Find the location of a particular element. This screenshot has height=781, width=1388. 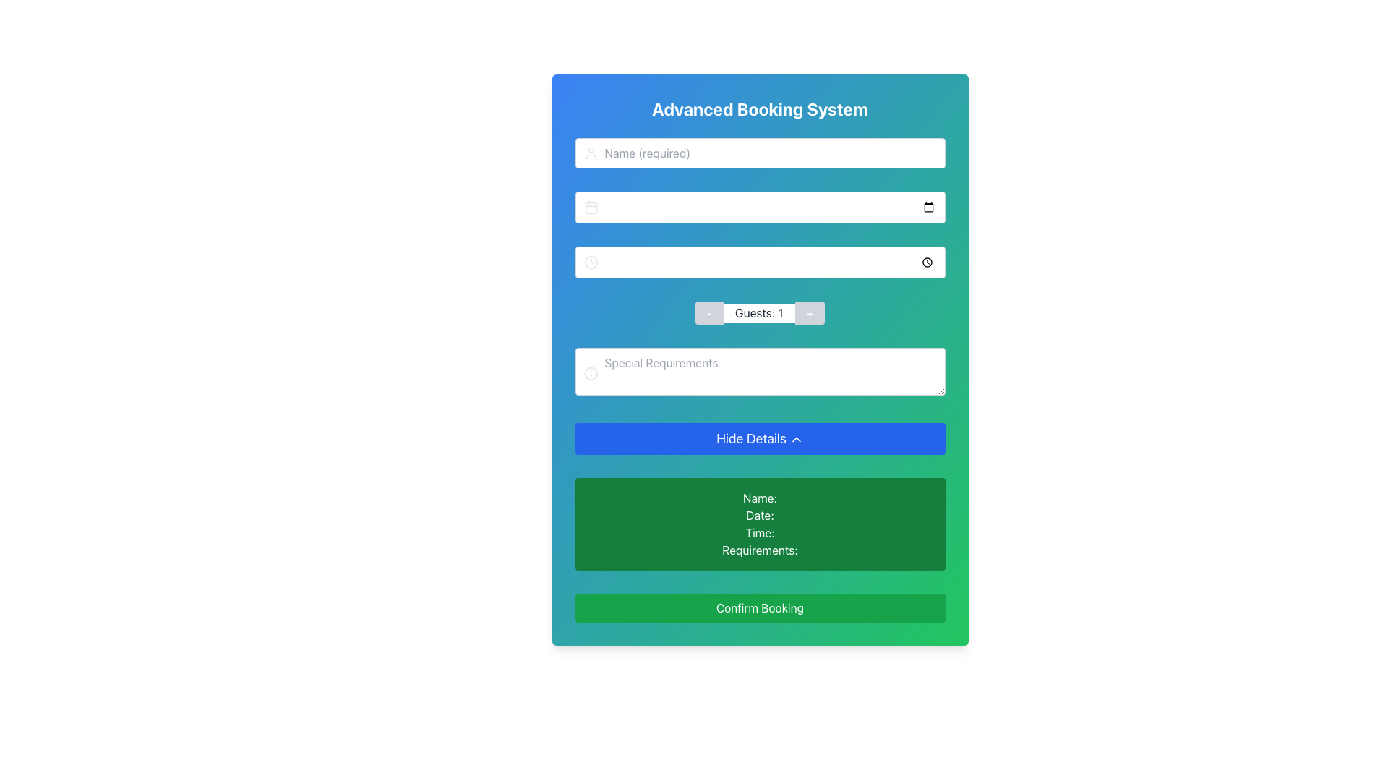

the upward-pointing chevron icon located on the right side of the 'Hide Details' button is located at coordinates (795, 439).